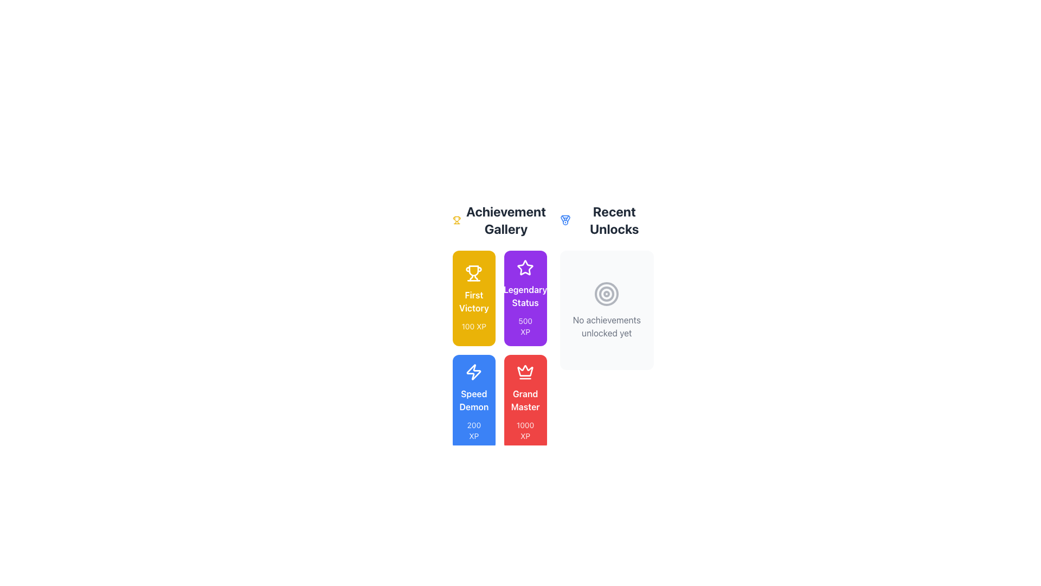  What do you see at coordinates (474, 402) in the screenshot?
I see `displayed content of the Informative achievement card titled 'Speed Demon' located in the first column of the bottom row in the 'Achievement Gallery' section` at bounding box center [474, 402].